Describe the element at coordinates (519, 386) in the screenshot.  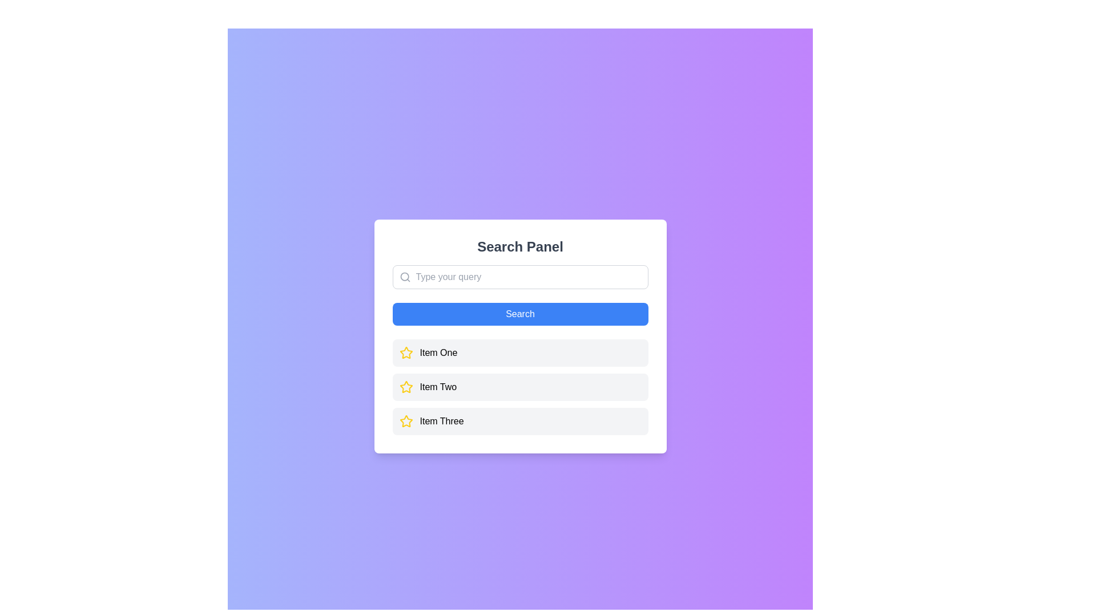
I see `the list item labeled 'Item Two' in the 'Search Panel'` at that location.